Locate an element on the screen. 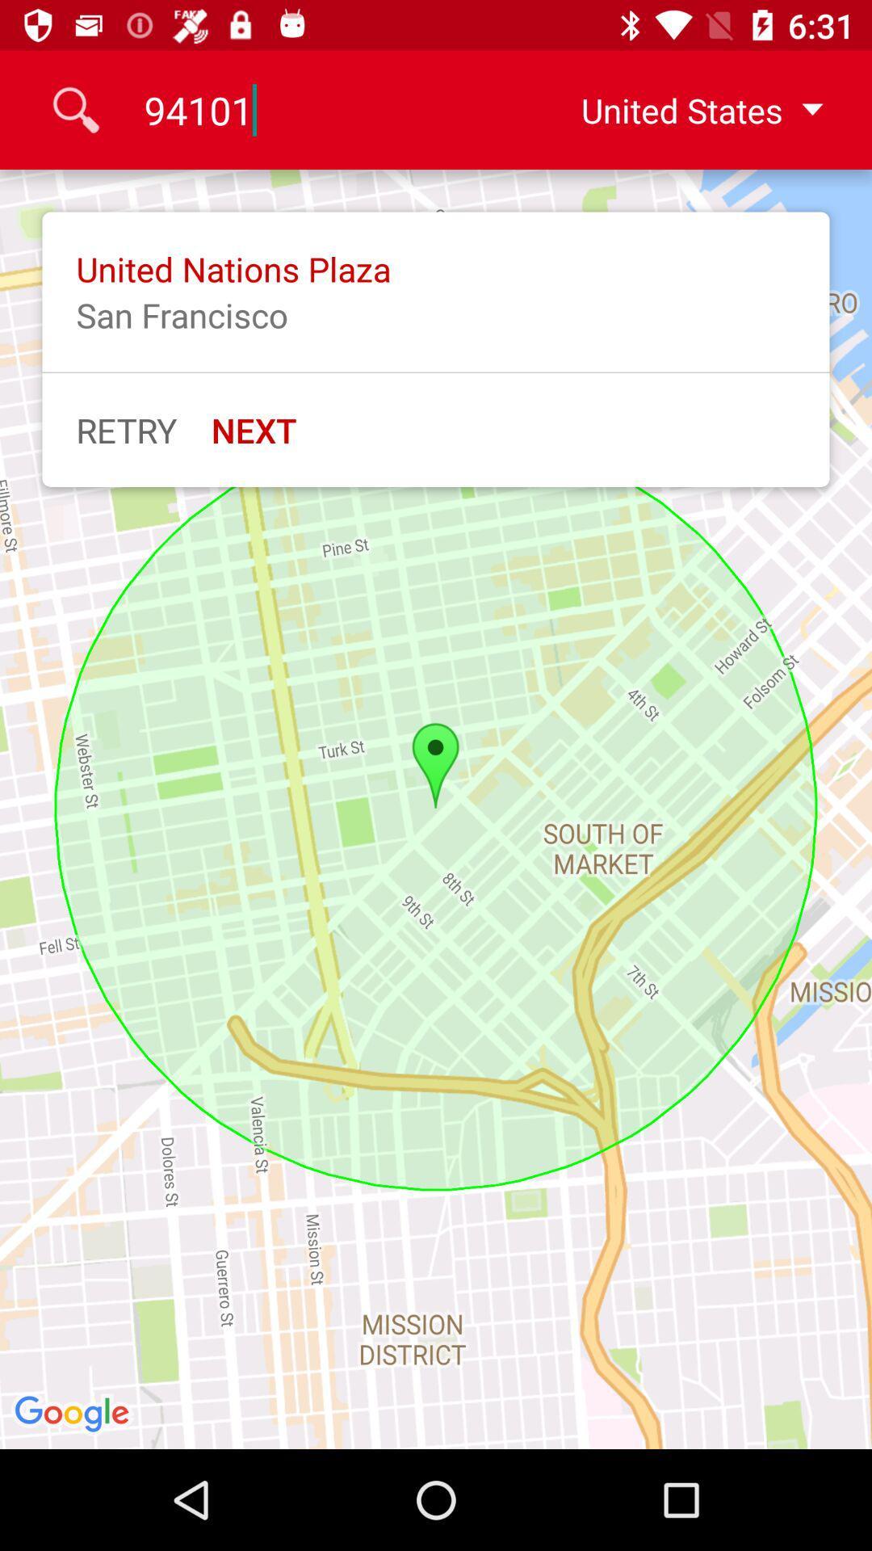 This screenshot has height=1551, width=872. the item at the center is located at coordinates (436, 809).